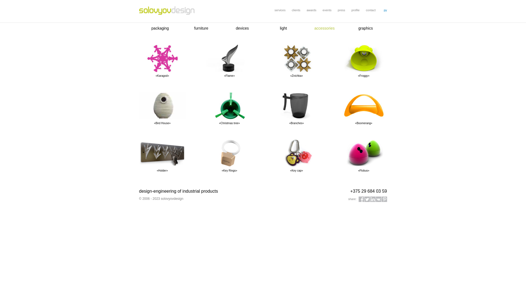  I want to click on 'light', so click(280, 28).